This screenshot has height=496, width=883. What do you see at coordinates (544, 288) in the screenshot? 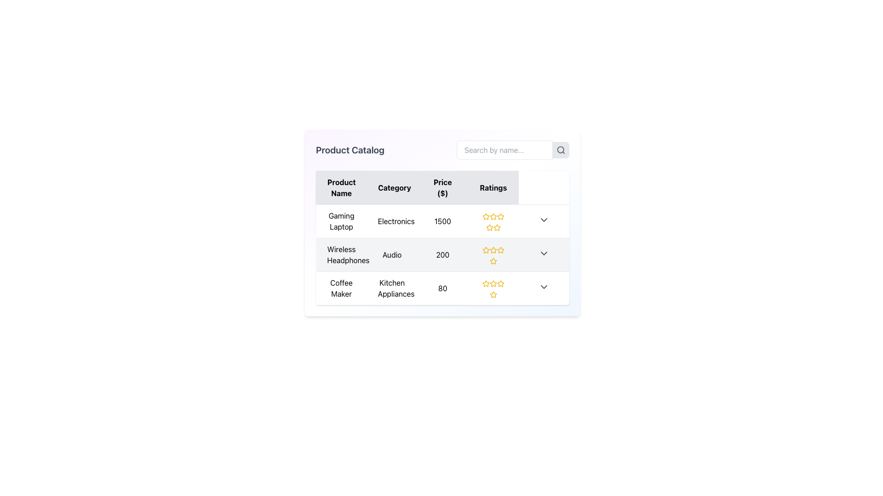
I see `the downward-pointing gray arrow icon in the last column of the table row for 'Coffee Maker', 'Kitchen Appliances', and '80'` at bounding box center [544, 288].